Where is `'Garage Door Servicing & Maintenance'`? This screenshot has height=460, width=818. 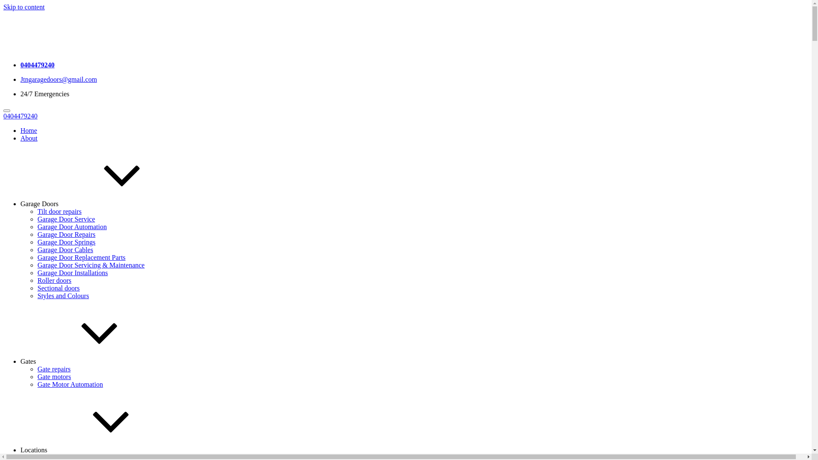
'Garage Door Servicing & Maintenance' is located at coordinates (91, 264).